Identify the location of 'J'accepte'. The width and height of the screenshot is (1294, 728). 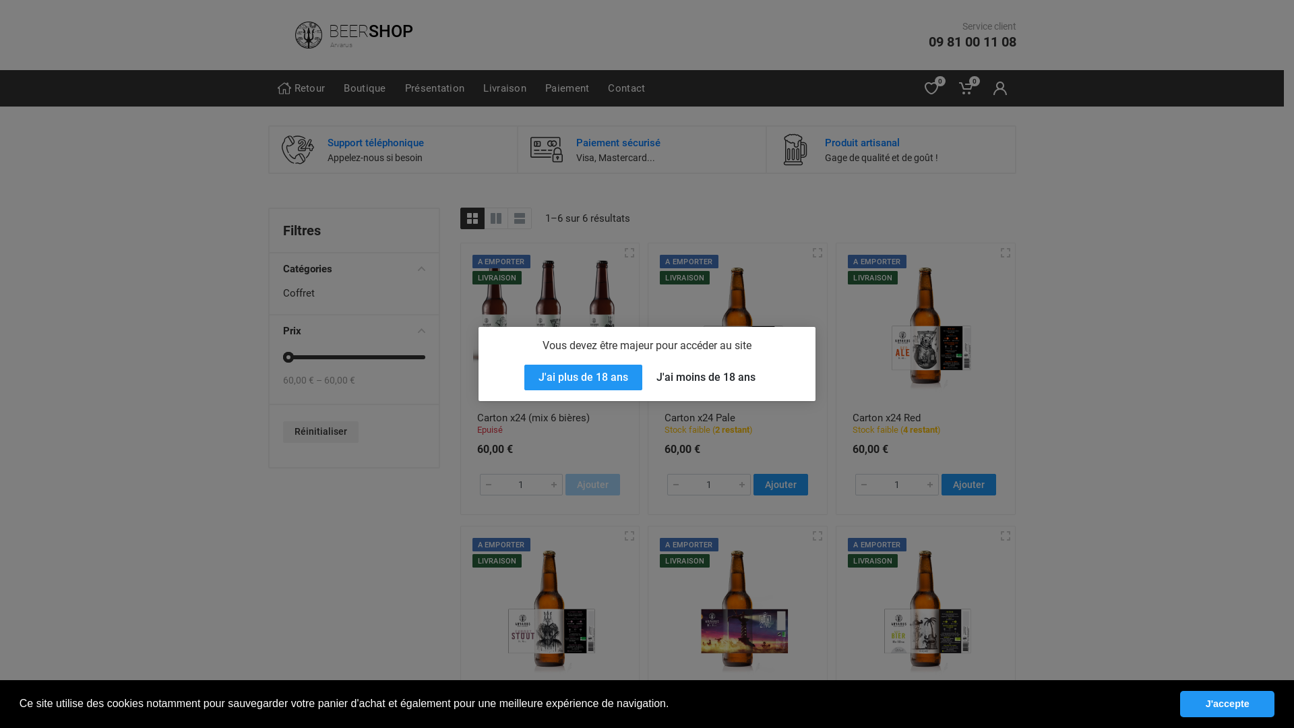
(1227, 703).